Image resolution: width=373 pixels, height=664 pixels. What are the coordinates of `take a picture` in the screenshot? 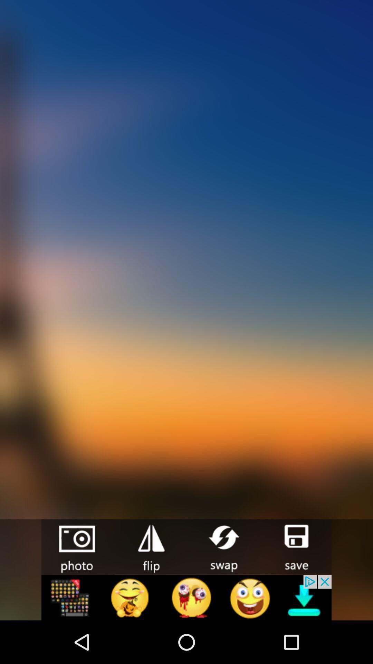 It's located at (78, 547).